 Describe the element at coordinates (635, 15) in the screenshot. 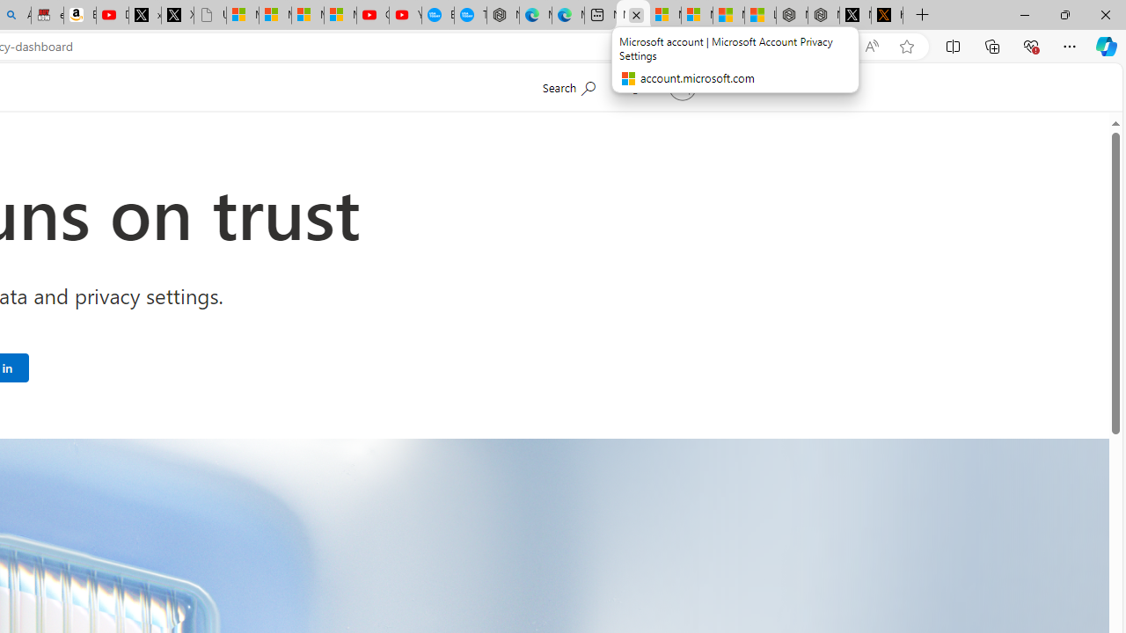

I see `'Close tab'` at that location.